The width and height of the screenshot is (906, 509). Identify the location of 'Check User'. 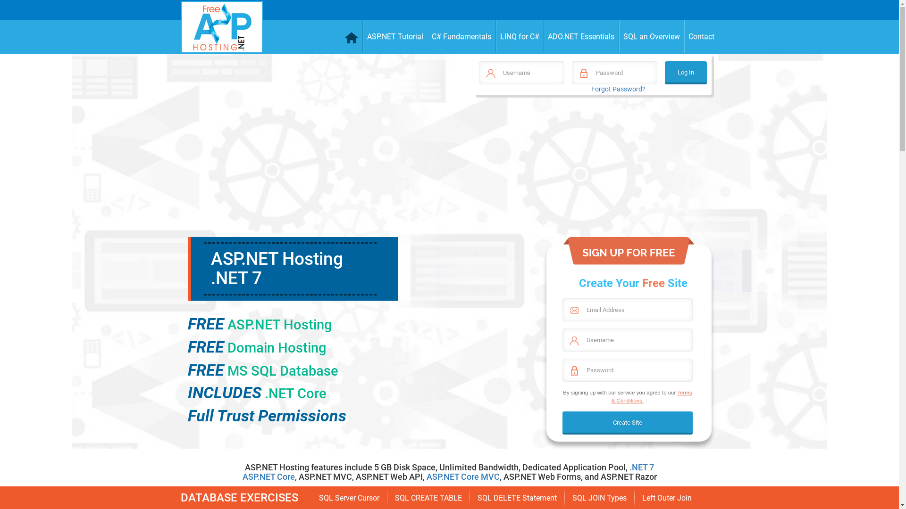
(19, 11).